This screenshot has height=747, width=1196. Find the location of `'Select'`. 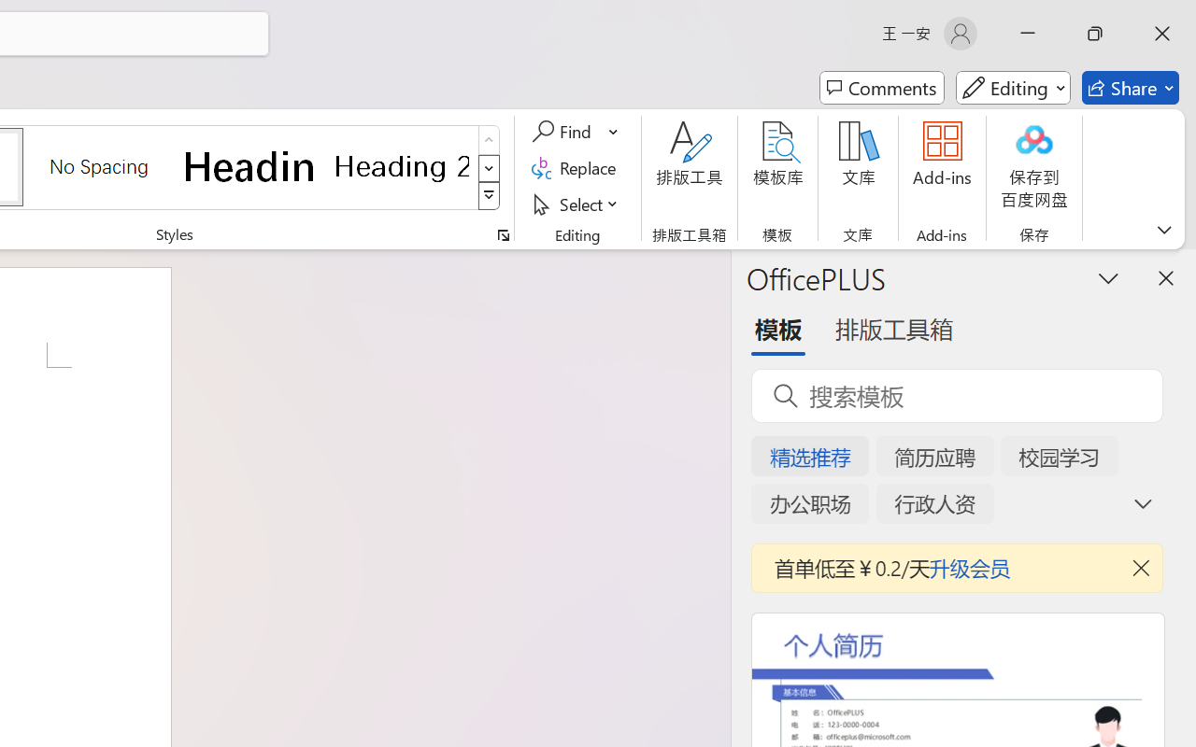

'Select' is located at coordinates (577, 204).